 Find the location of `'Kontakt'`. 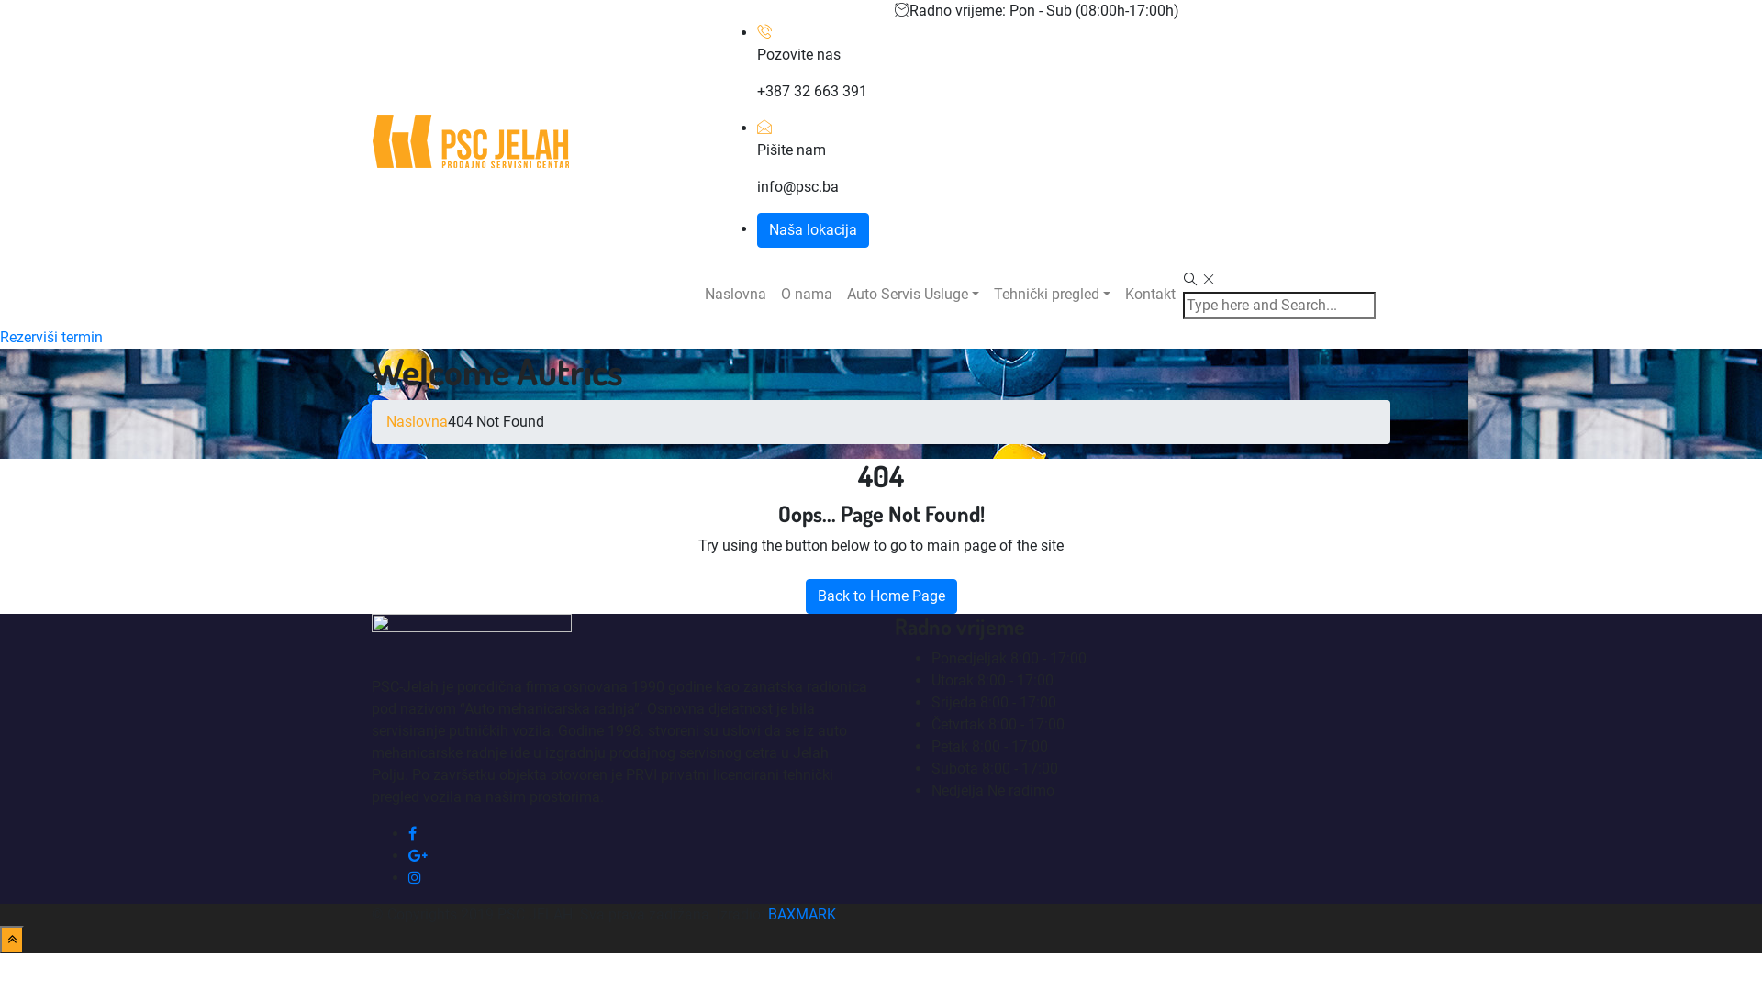

'Kontakt' is located at coordinates (1149, 293).